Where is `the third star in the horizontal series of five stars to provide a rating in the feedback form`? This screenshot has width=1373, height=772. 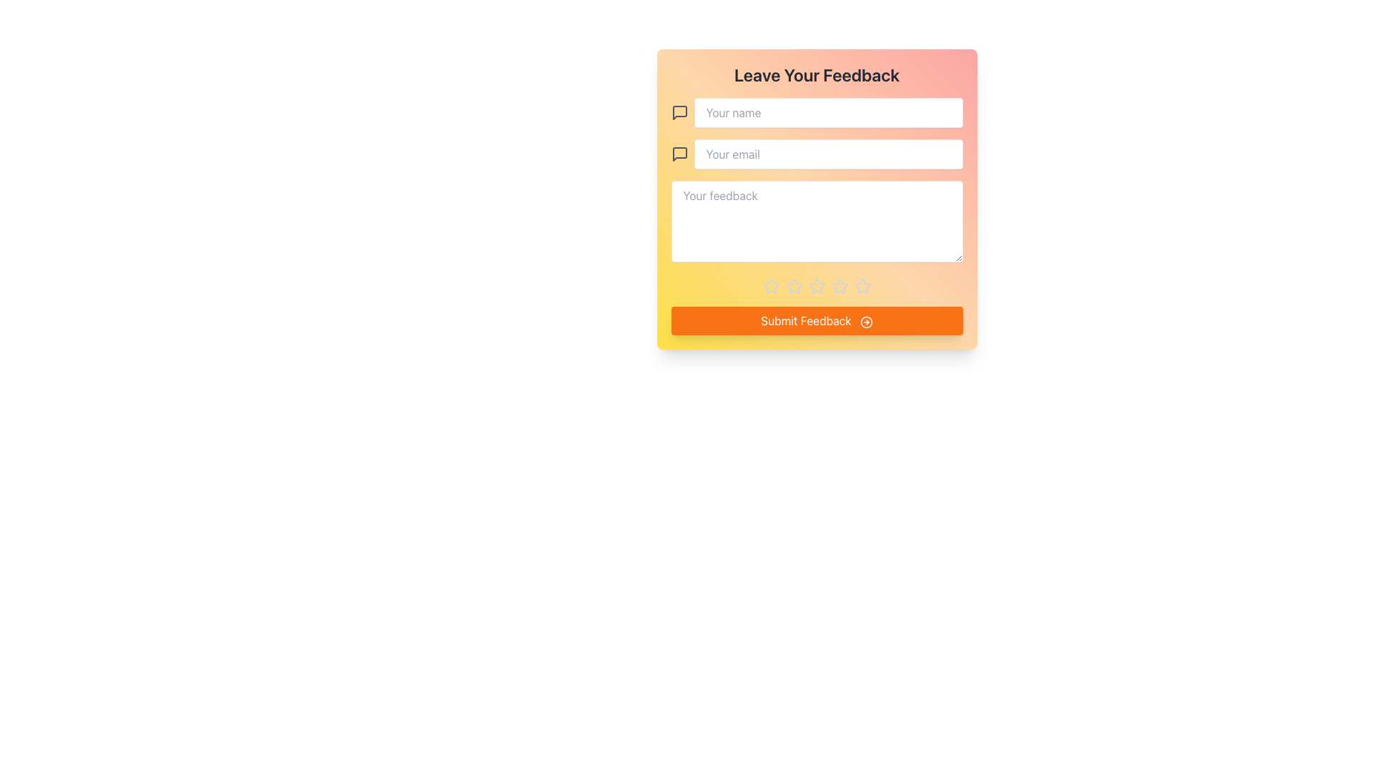 the third star in the horizontal series of five stars to provide a rating in the feedback form is located at coordinates (793, 287).